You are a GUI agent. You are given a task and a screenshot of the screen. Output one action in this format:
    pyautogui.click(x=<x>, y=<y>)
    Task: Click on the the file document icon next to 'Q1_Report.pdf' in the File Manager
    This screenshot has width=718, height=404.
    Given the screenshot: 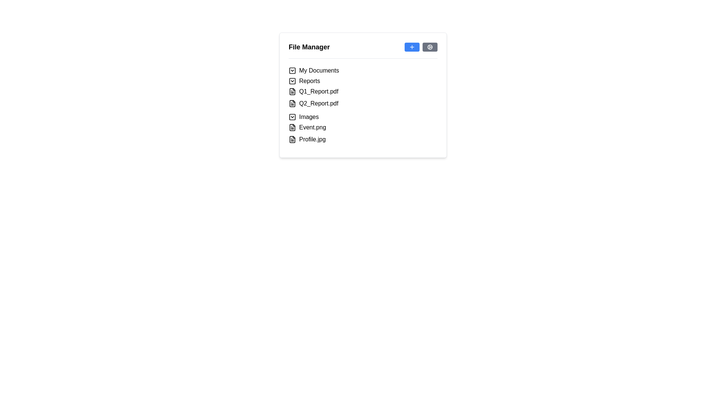 What is the action you would take?
    pyautogui.click(x=292, y=91)
    